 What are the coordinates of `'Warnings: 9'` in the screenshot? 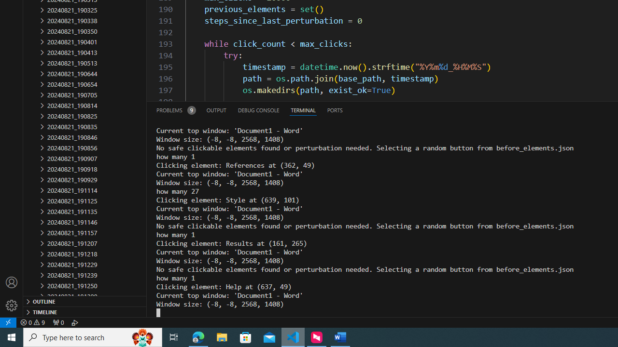 It's located at (32, 322).